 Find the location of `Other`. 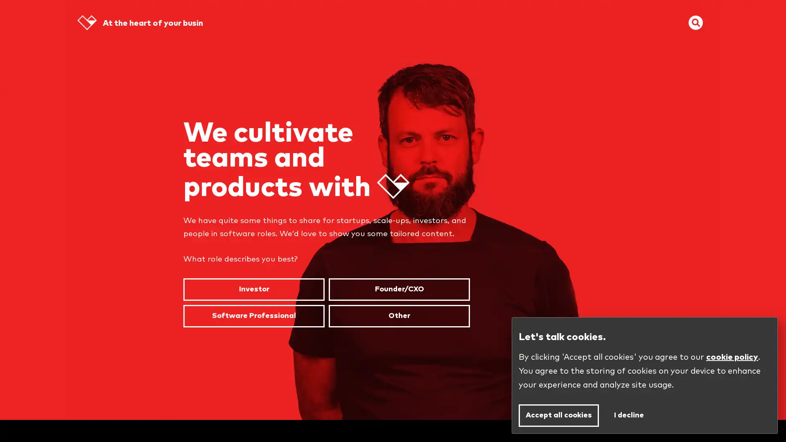

Other is located at coordinates (399, 315).